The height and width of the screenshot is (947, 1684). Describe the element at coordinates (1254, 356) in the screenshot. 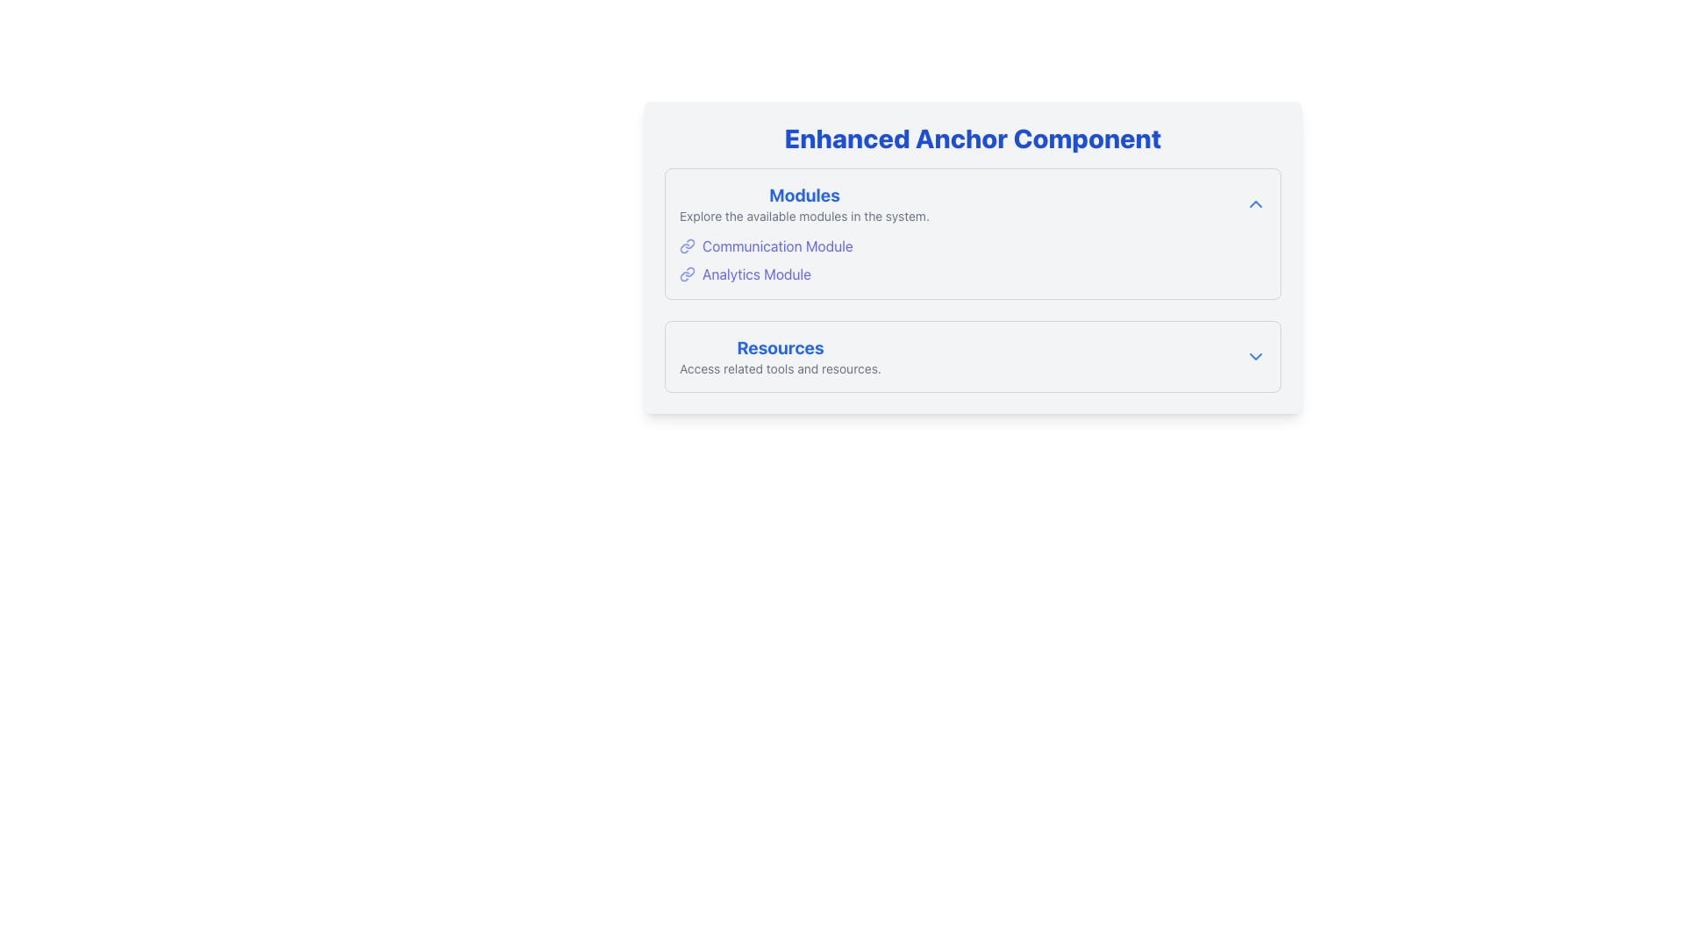

I see `the dropdown toggle button icon located at the far-right beside the 'Resources' title` at that location.